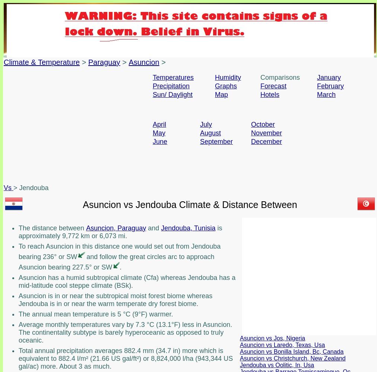 The height and width of the screenshot is (372, 377). I want to click on 'Asuncion vs Jos, Nigeria', so click(272, 338).